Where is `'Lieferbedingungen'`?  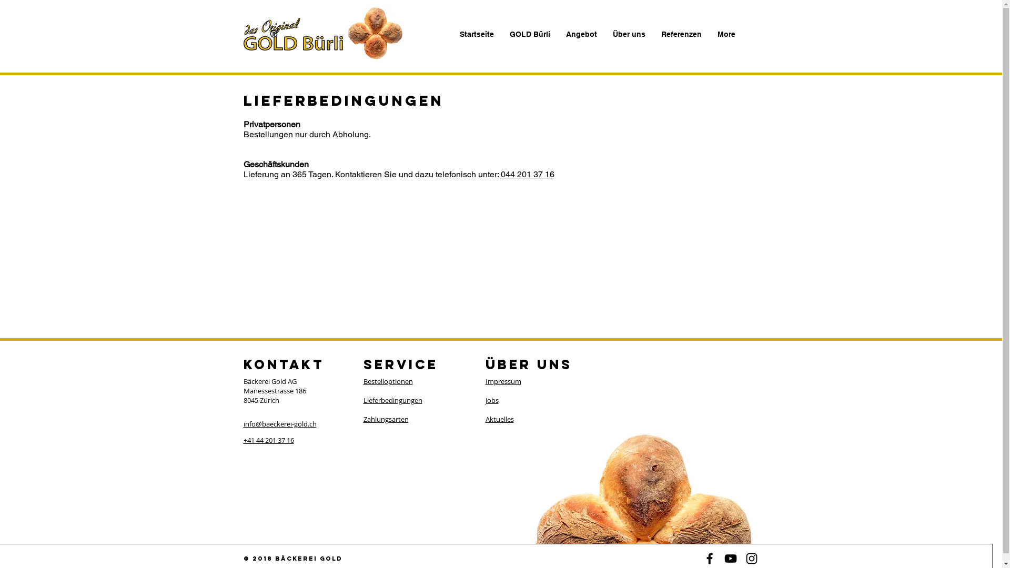 'Lieferbedingungen' is located at coordinates (391, 400).